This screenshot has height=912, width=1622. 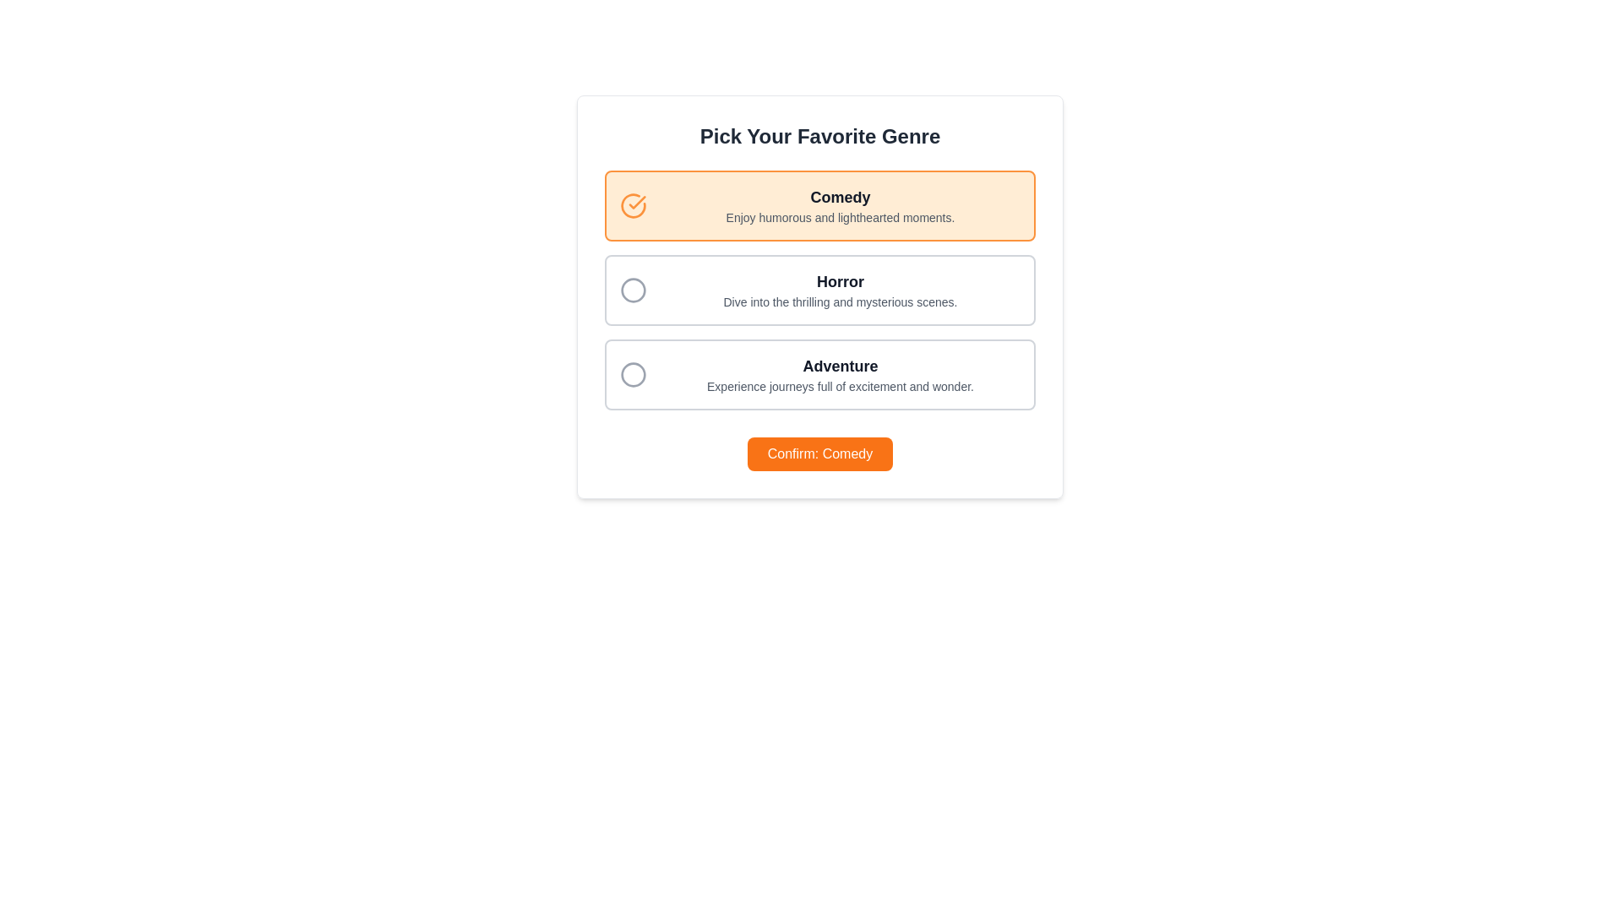 What do you see at coordinates (640, 373) in the screenshot?
I see `the Adventure card selection icon from its current position at the top-left corner of the Adventure option card` at bounding box center [640, 373].